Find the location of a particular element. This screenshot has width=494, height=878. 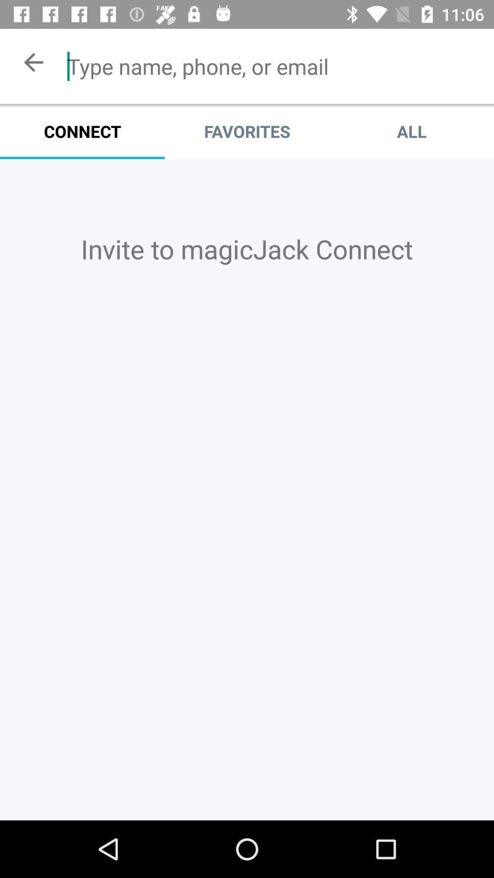

item to the left of the all item is located at coordinates (247, 131).